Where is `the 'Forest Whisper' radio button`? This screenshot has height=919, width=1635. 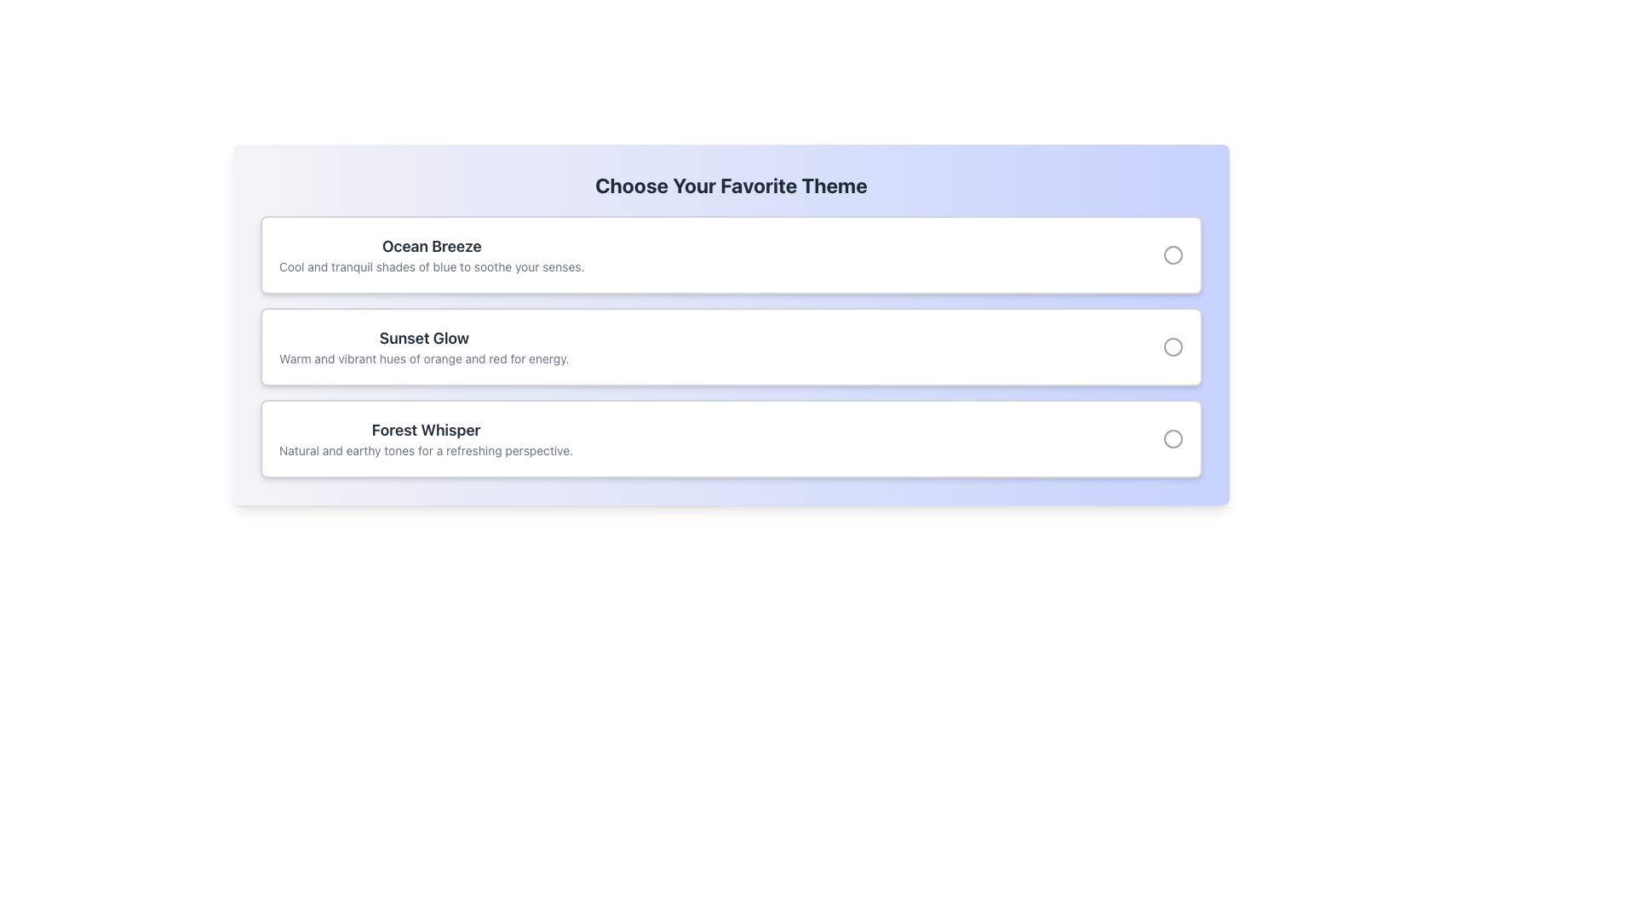 the 'Forest Whisper' radio button is located at coordinates (1172, 438).